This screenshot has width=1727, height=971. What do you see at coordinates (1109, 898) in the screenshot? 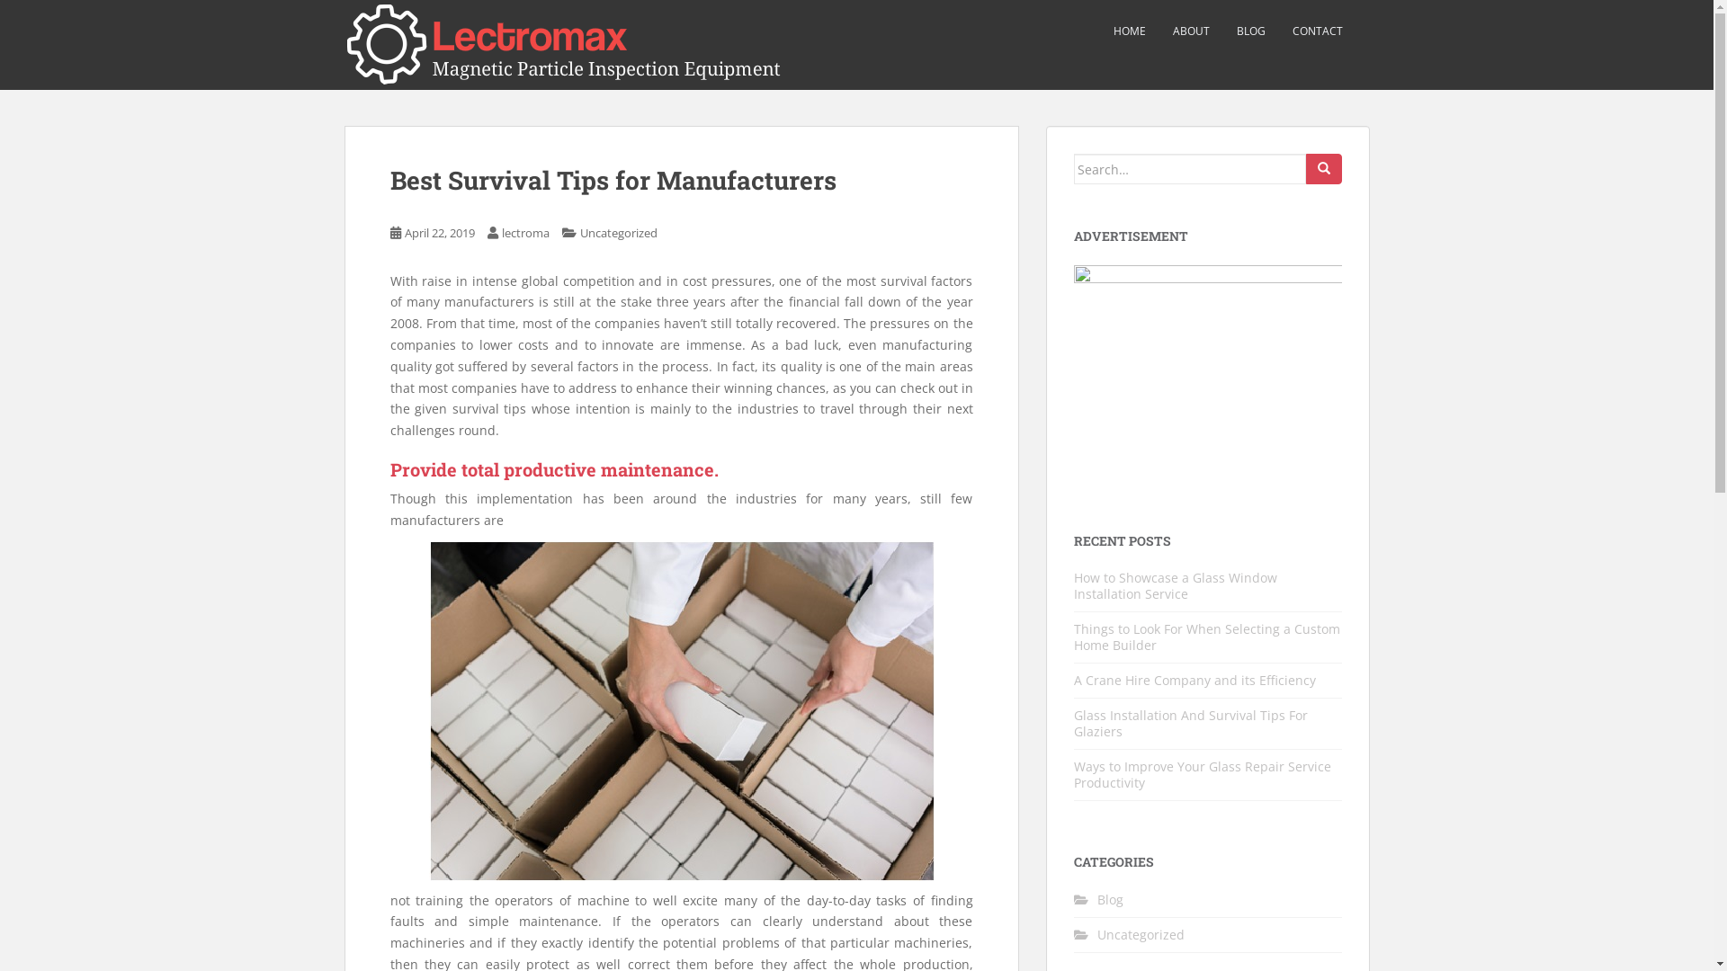
I see `'Blog'` at bounding box center [1109, 898].